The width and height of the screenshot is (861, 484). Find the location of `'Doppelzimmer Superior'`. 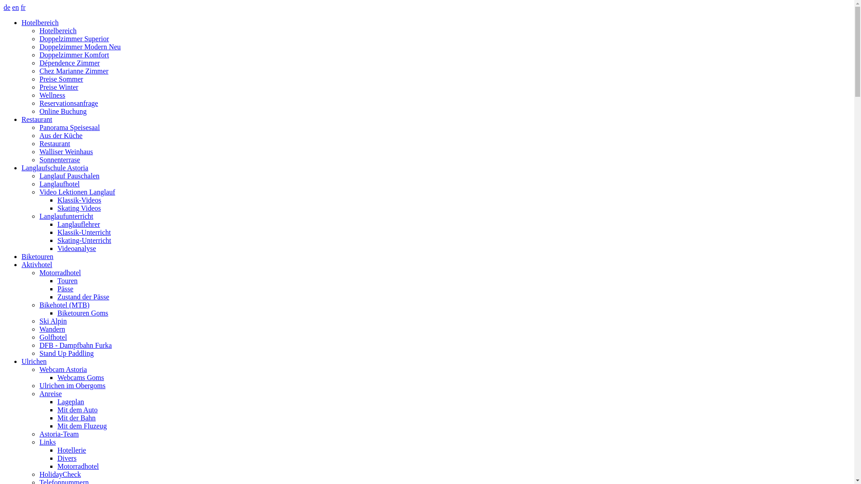

'Doppelzimmer Superior' is located at coordinates (39, 38).